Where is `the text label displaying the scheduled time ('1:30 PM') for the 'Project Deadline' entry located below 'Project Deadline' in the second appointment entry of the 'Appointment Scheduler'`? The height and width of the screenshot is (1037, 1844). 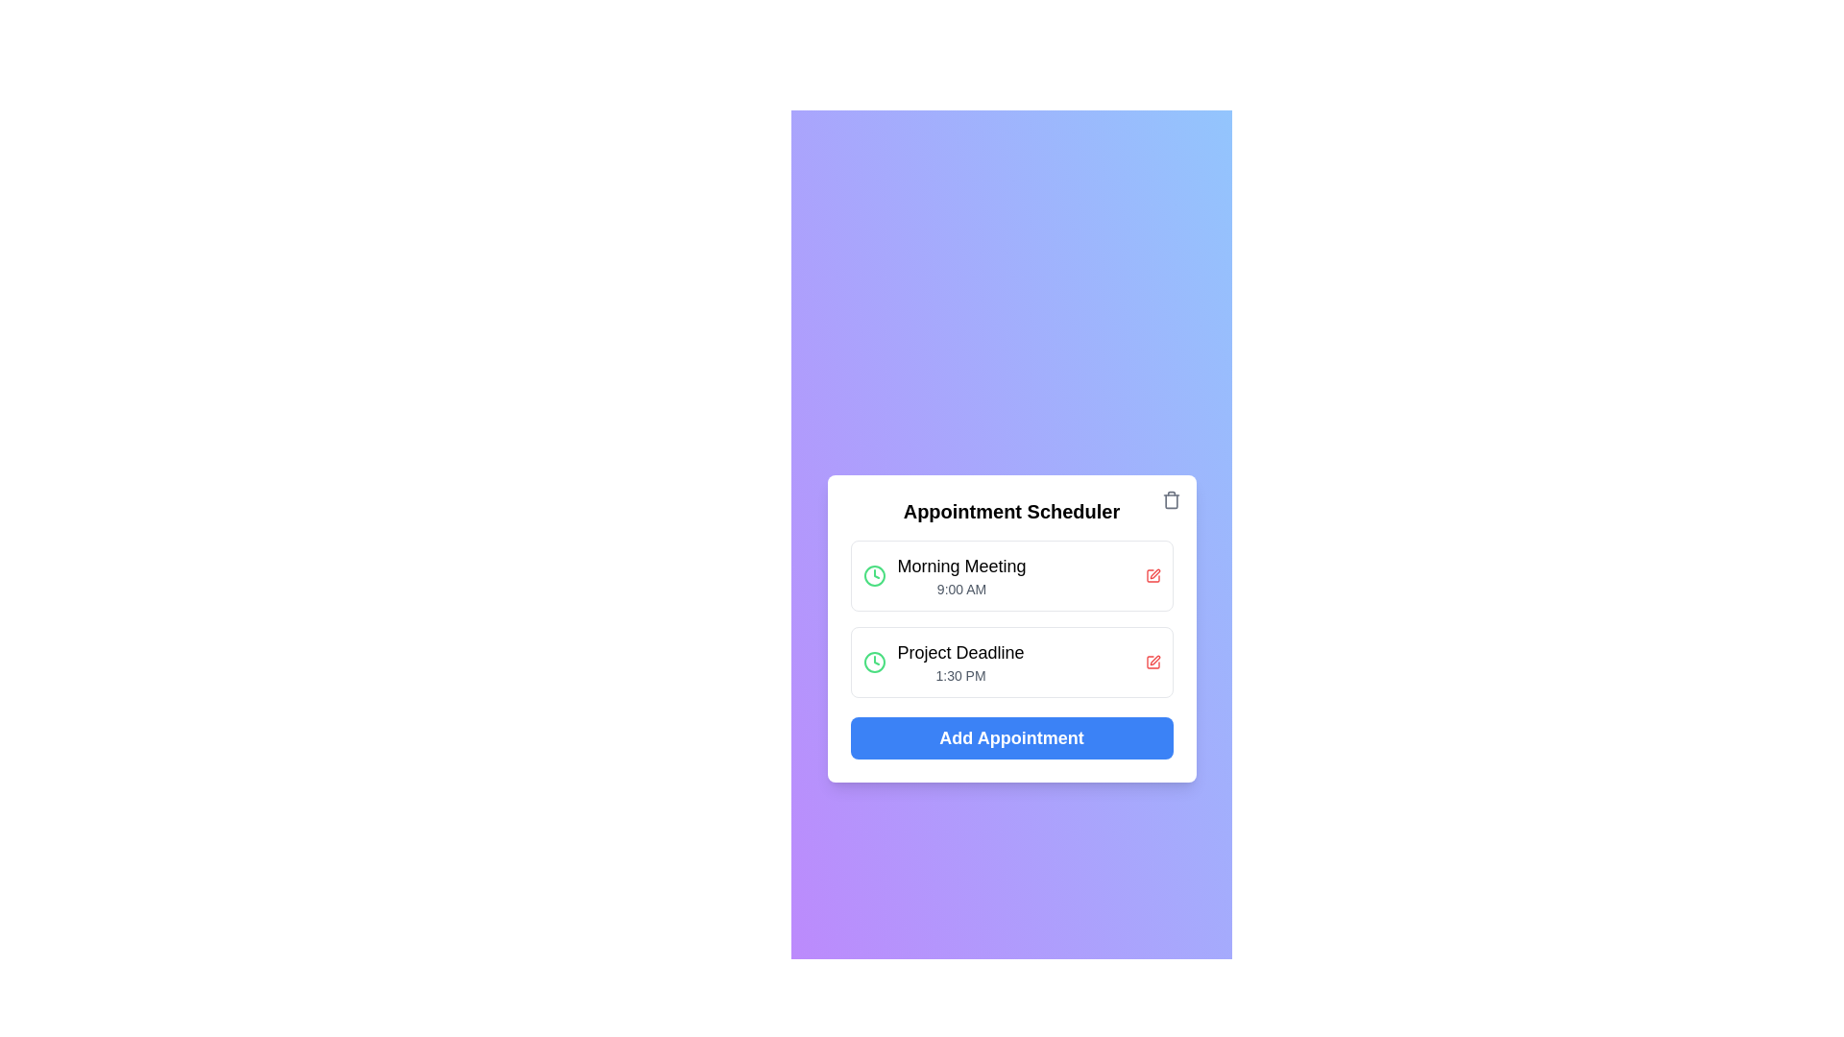
the text label displaying the scheduled time ('1:30 PM') for the 'Project Deadline' entry located below 'Project Deadline' in the second appointment entry of the 'Appointment Scheduler' is located at coordinates (960, 675).